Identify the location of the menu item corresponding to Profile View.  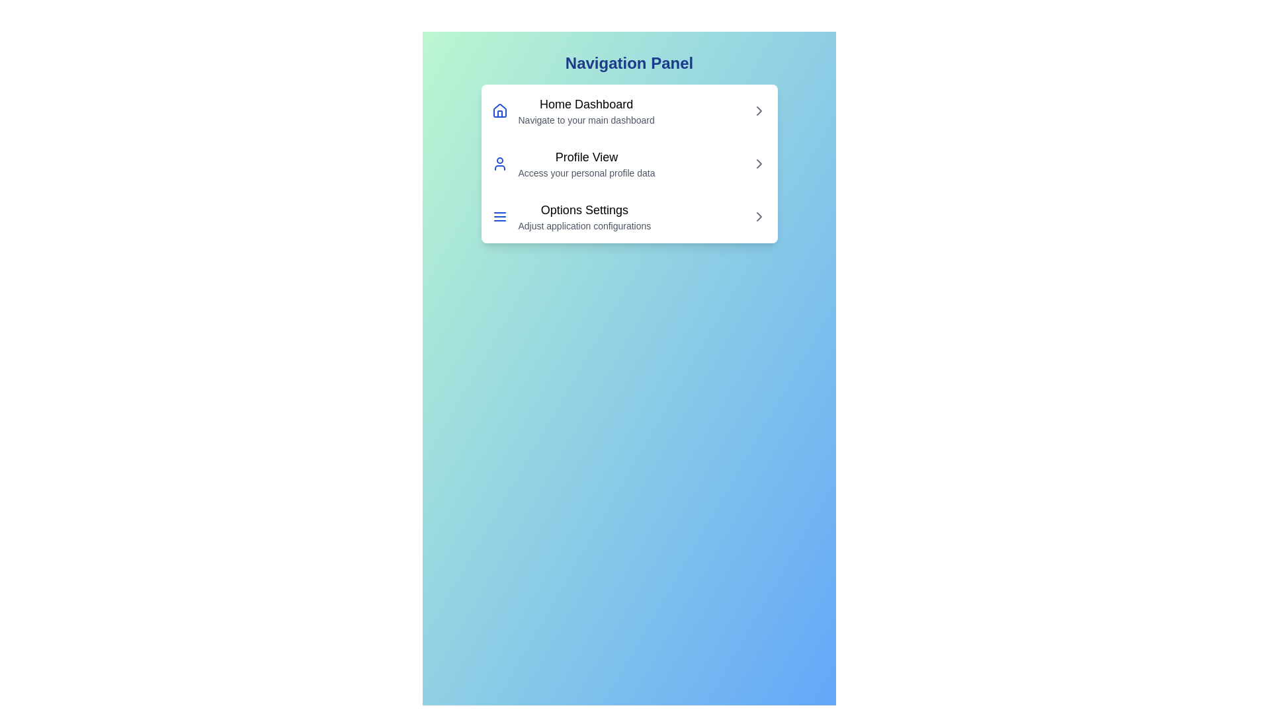
(628, 163).